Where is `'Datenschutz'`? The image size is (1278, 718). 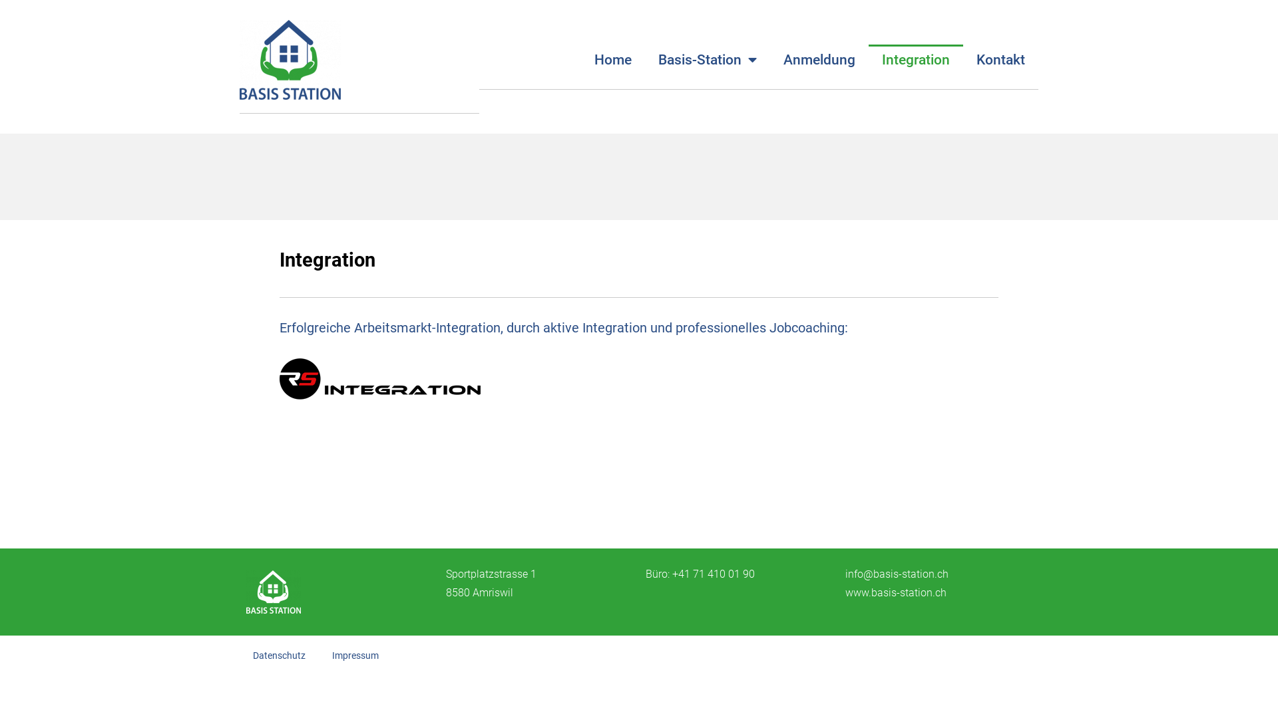 'Datenschutz' is located at coordinates (278, 655).